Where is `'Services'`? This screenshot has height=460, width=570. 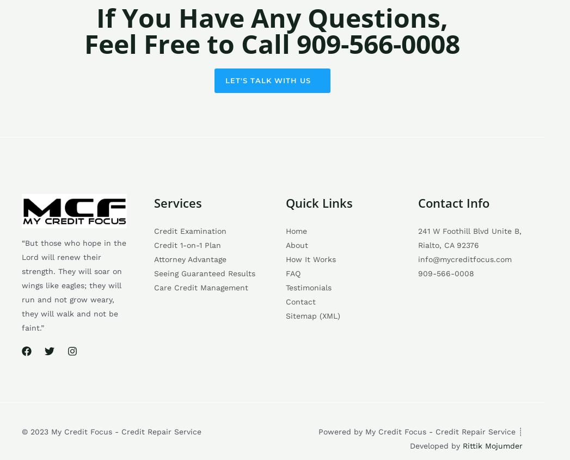
'Services' is located at coordinates (177, 202).